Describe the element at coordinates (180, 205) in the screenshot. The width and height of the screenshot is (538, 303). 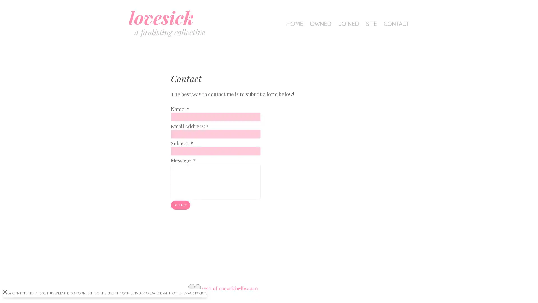
I see `Submit` at that location.